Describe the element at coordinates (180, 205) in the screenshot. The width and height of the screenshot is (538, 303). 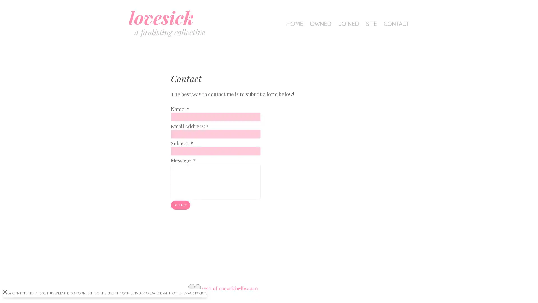
I see `Submit` at that location.